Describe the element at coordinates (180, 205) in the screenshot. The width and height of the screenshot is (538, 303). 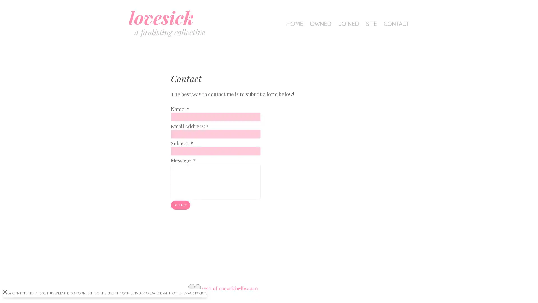
I see `Submit` at that location.